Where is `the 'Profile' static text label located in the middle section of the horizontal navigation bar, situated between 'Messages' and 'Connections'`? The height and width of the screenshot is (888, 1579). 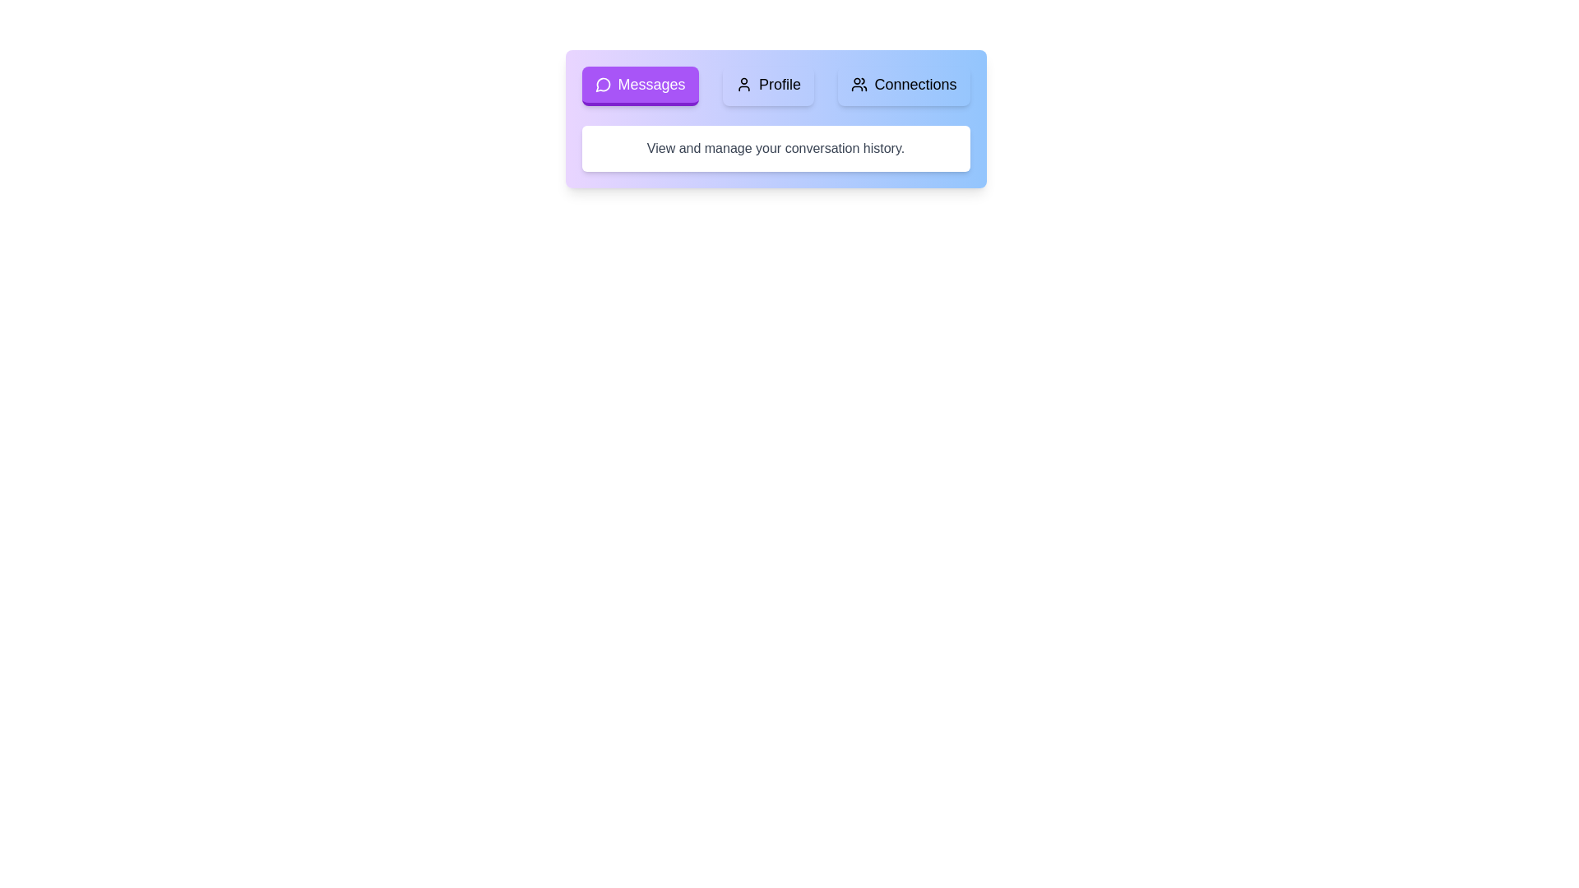 the 'Profile' static text label located in the middle section of the horizontal navigation bar, situated between 'Messages' and 'Connections' is located at coordinates (779, 85).